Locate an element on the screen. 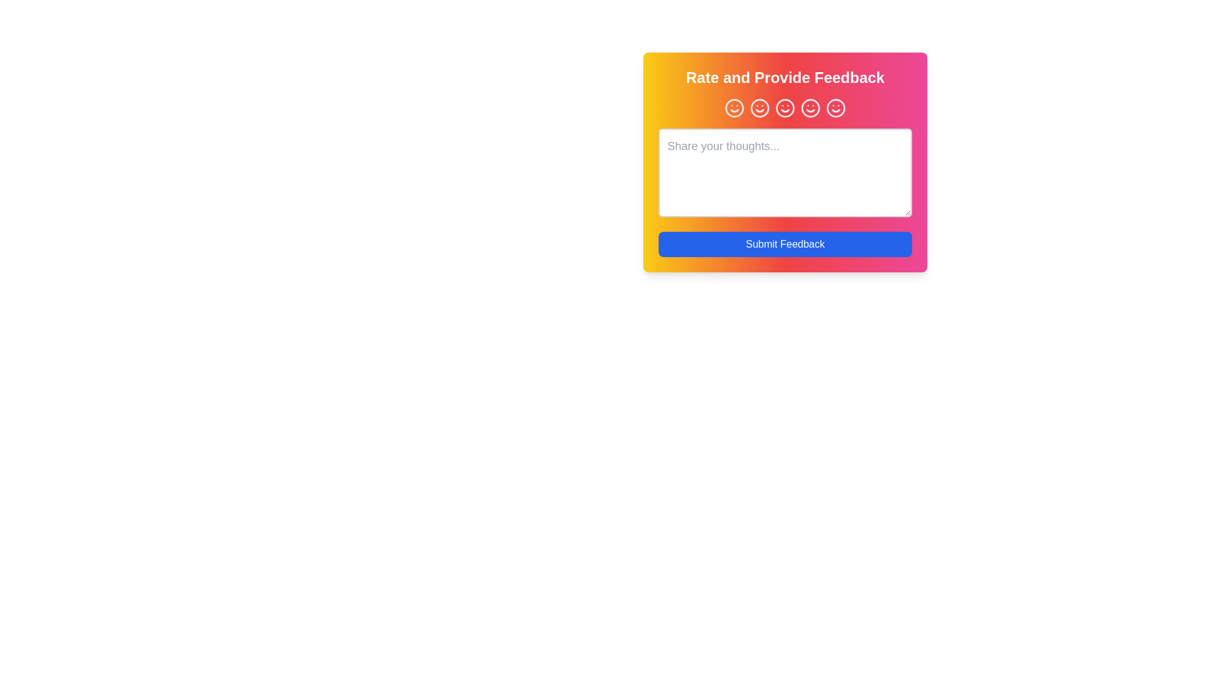  'Submit Feedback' button to submit the feedback is located at coordinates (784, 244).